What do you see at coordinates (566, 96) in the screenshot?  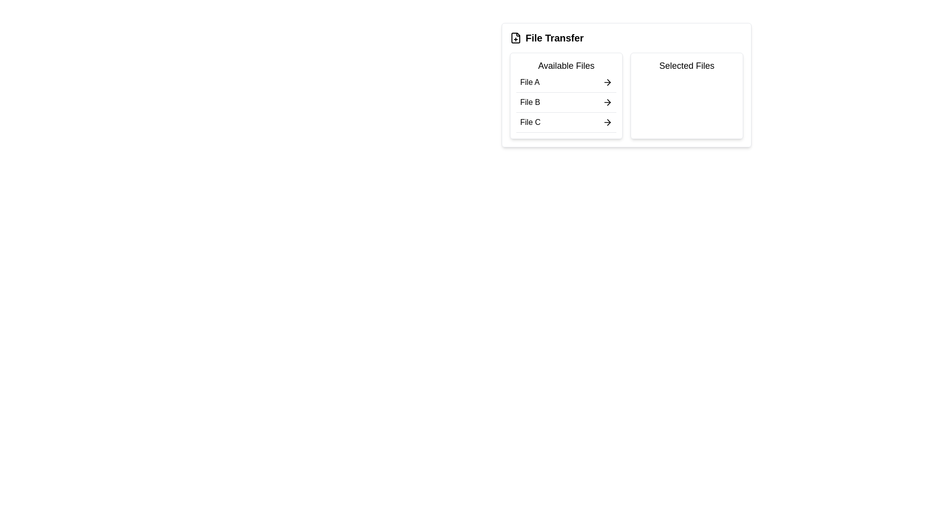 I see `the second entry` at bounding box center [566, 96].